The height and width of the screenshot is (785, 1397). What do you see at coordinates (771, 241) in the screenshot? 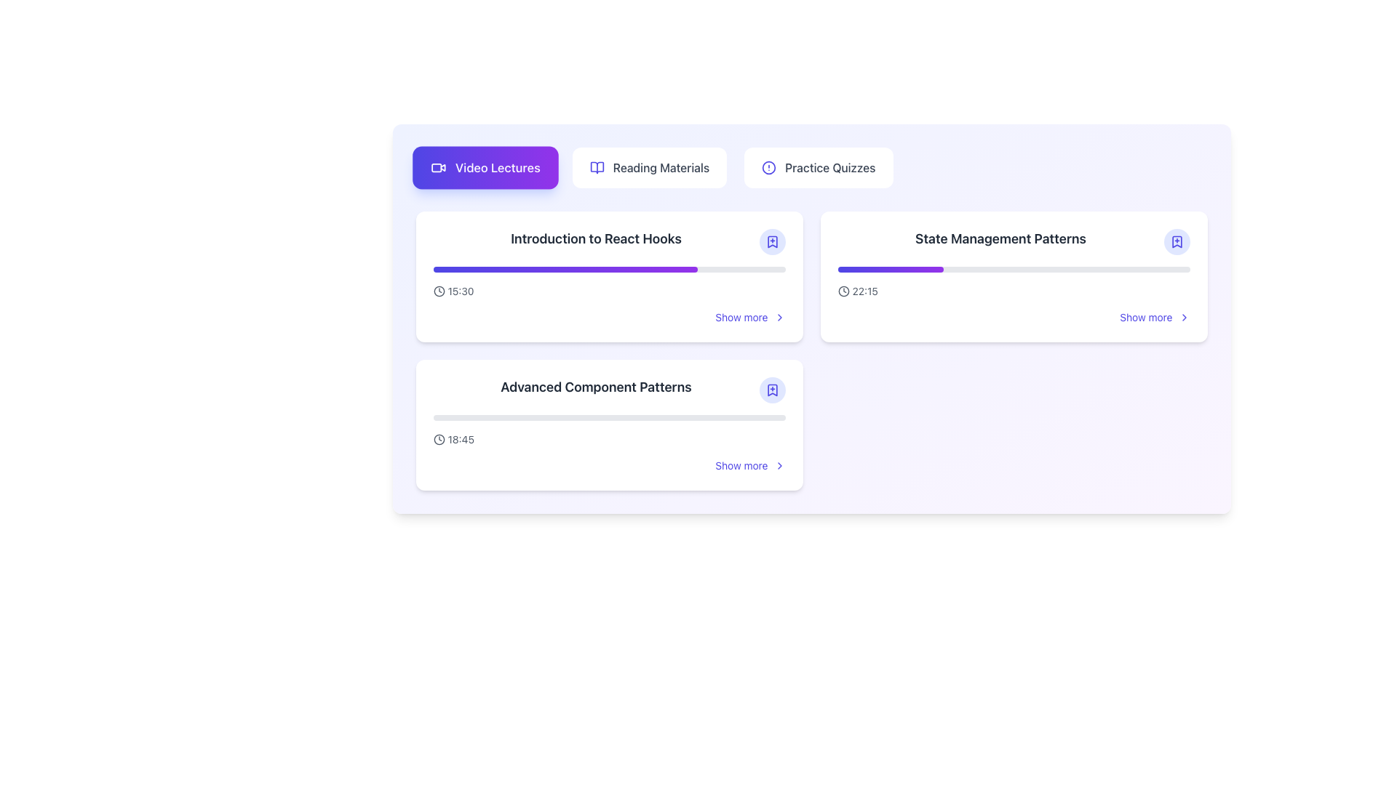
I see `the circular button with a light purple background and a bookmark-plus icon next to the title 'Introduction to React Hooks'` at bounding box center [771, 241].